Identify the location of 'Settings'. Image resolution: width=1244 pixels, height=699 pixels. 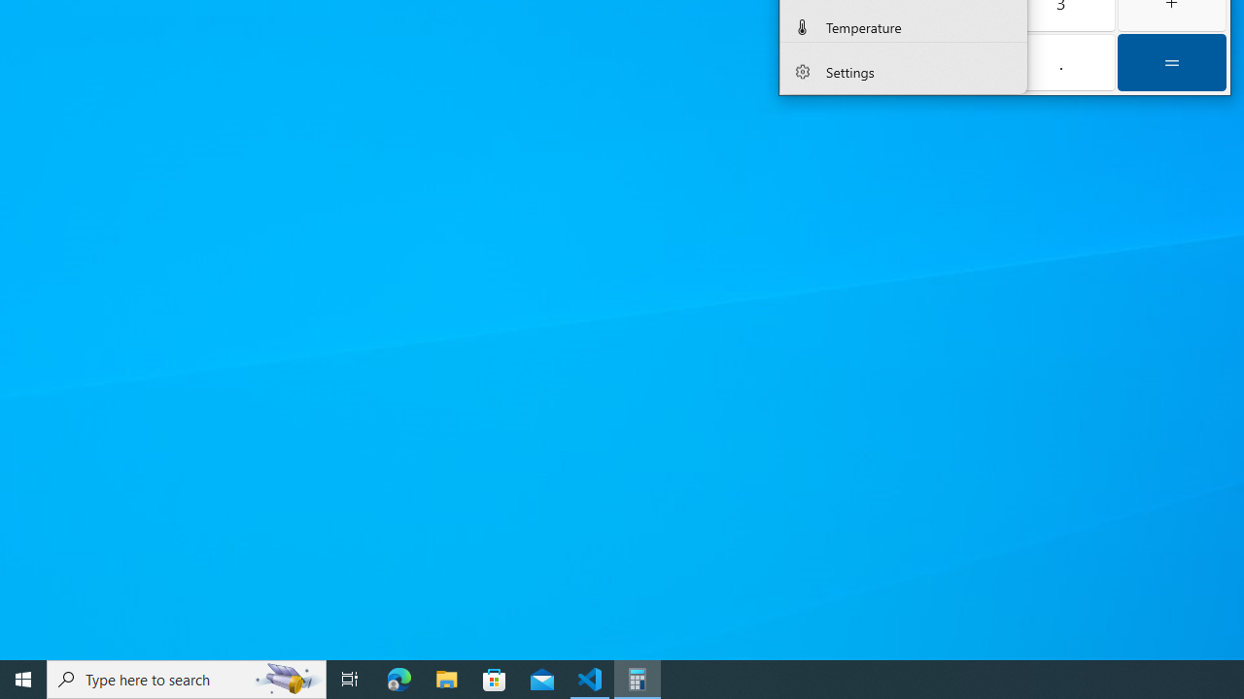
(902, 71).